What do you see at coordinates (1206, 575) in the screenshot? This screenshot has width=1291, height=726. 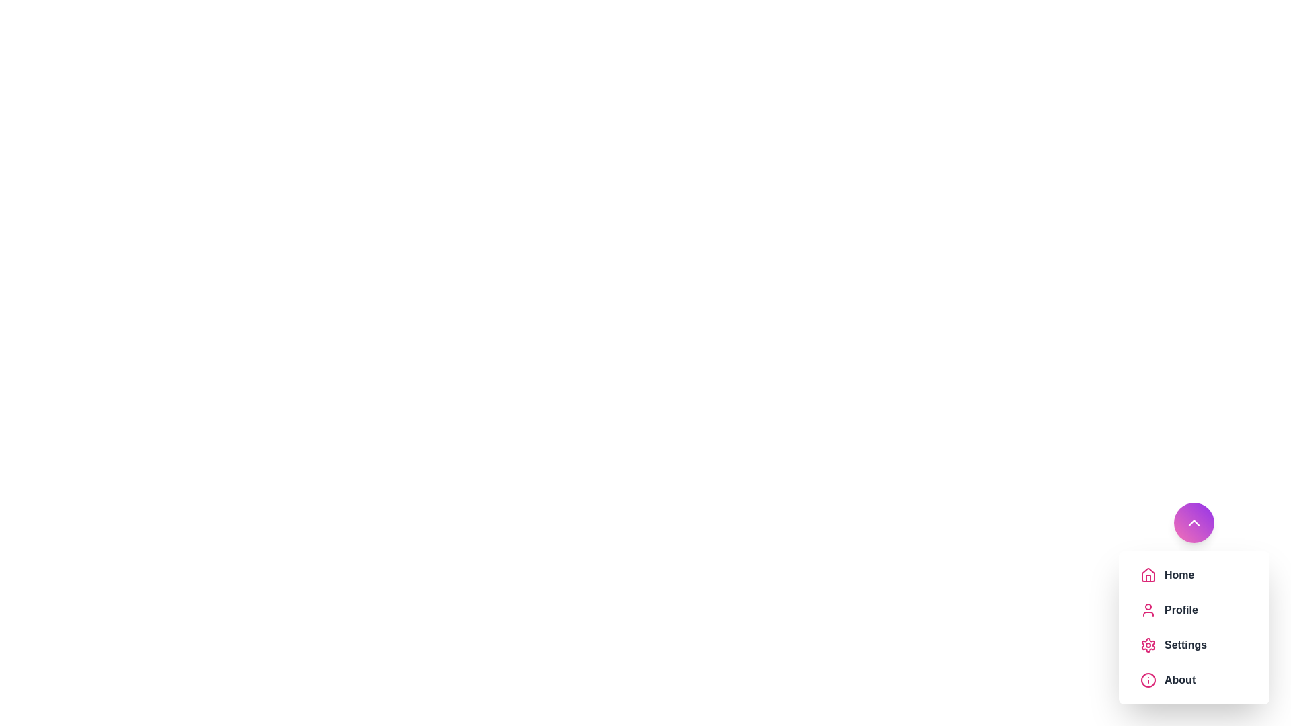 I see `the menu item labeled Home` at bounding box center [1206, 575].